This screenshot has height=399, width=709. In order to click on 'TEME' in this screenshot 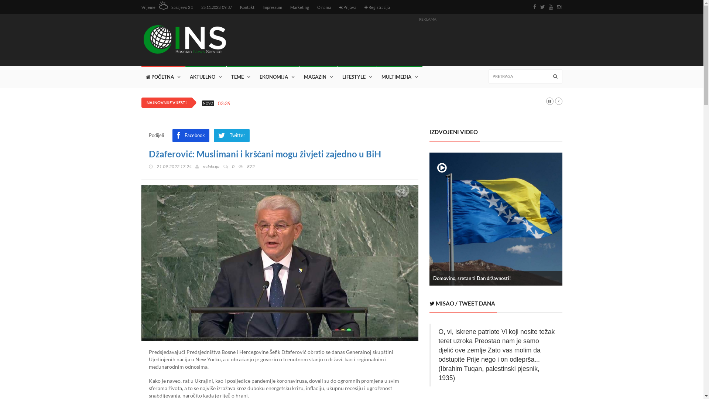, I will do `click(241, 77)`.